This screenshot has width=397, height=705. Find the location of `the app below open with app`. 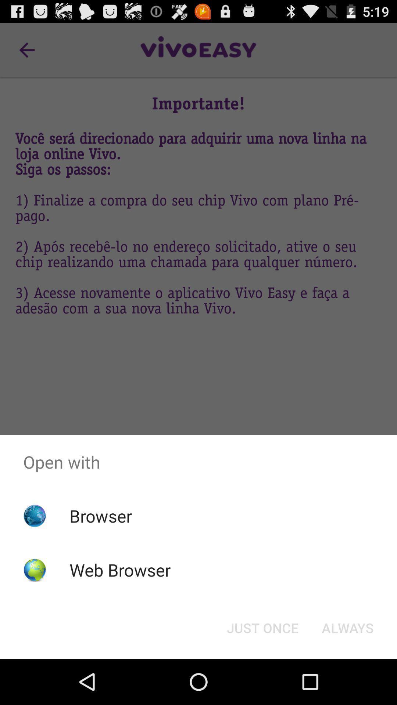

the app below open with app is located at coordinates (347, 627).